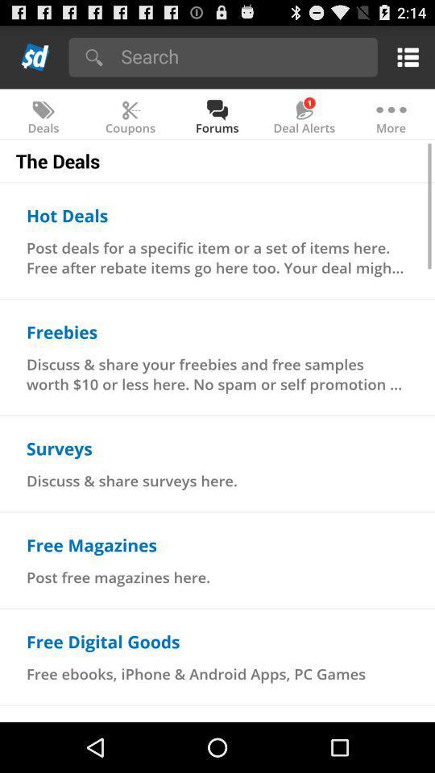 The width and height of the screenshot is (435, 773). Describe the element at coordinates (196, 674) in the screenshot. I see `item below free digital goods icon` at that location.